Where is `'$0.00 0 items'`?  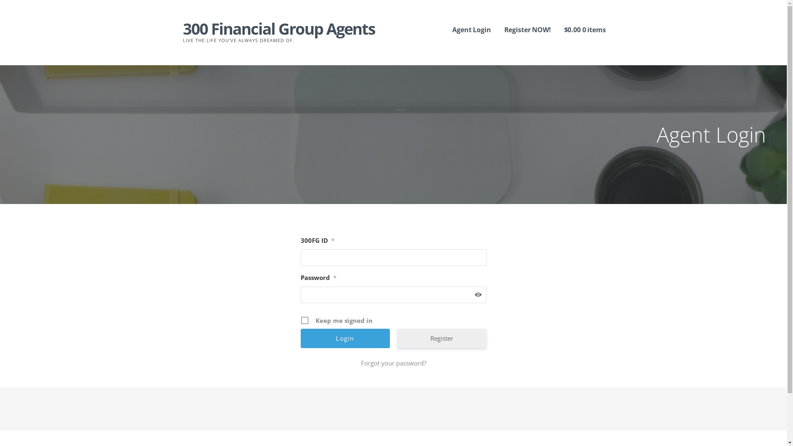 '$0.00 0 items' is located at coordinates (584, 30).